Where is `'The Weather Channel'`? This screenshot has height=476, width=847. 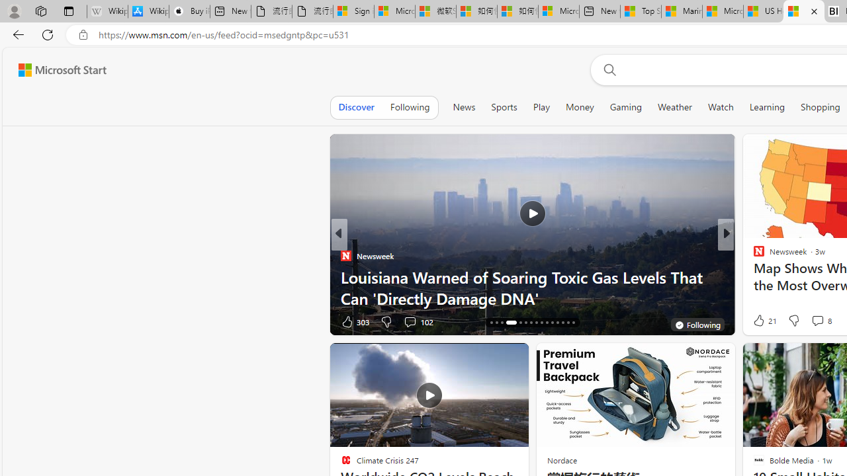
'The Weather Channel' is located at coordinates (753, 256).